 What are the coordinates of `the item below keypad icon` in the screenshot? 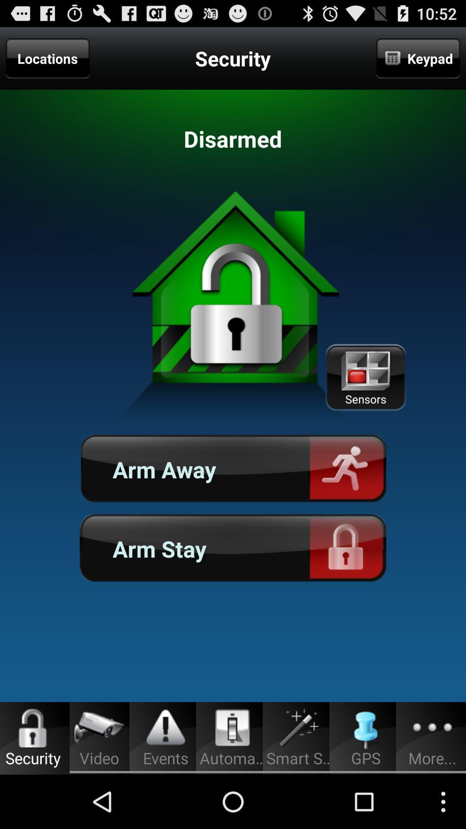 It's located at (365, 377).